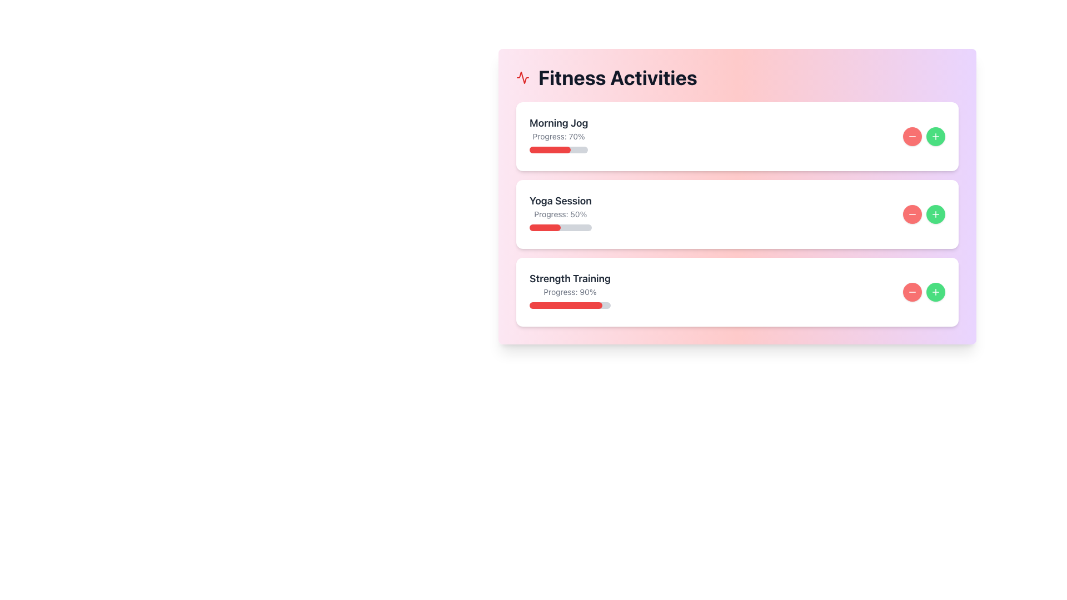 This screenshot has height=600, width=1067. Describe the element at coordinates (522, 77) in the screenshot. I see `the red wave-like icon representing the line graph in the 'Fitness Activities' section located in the header area` at that location.